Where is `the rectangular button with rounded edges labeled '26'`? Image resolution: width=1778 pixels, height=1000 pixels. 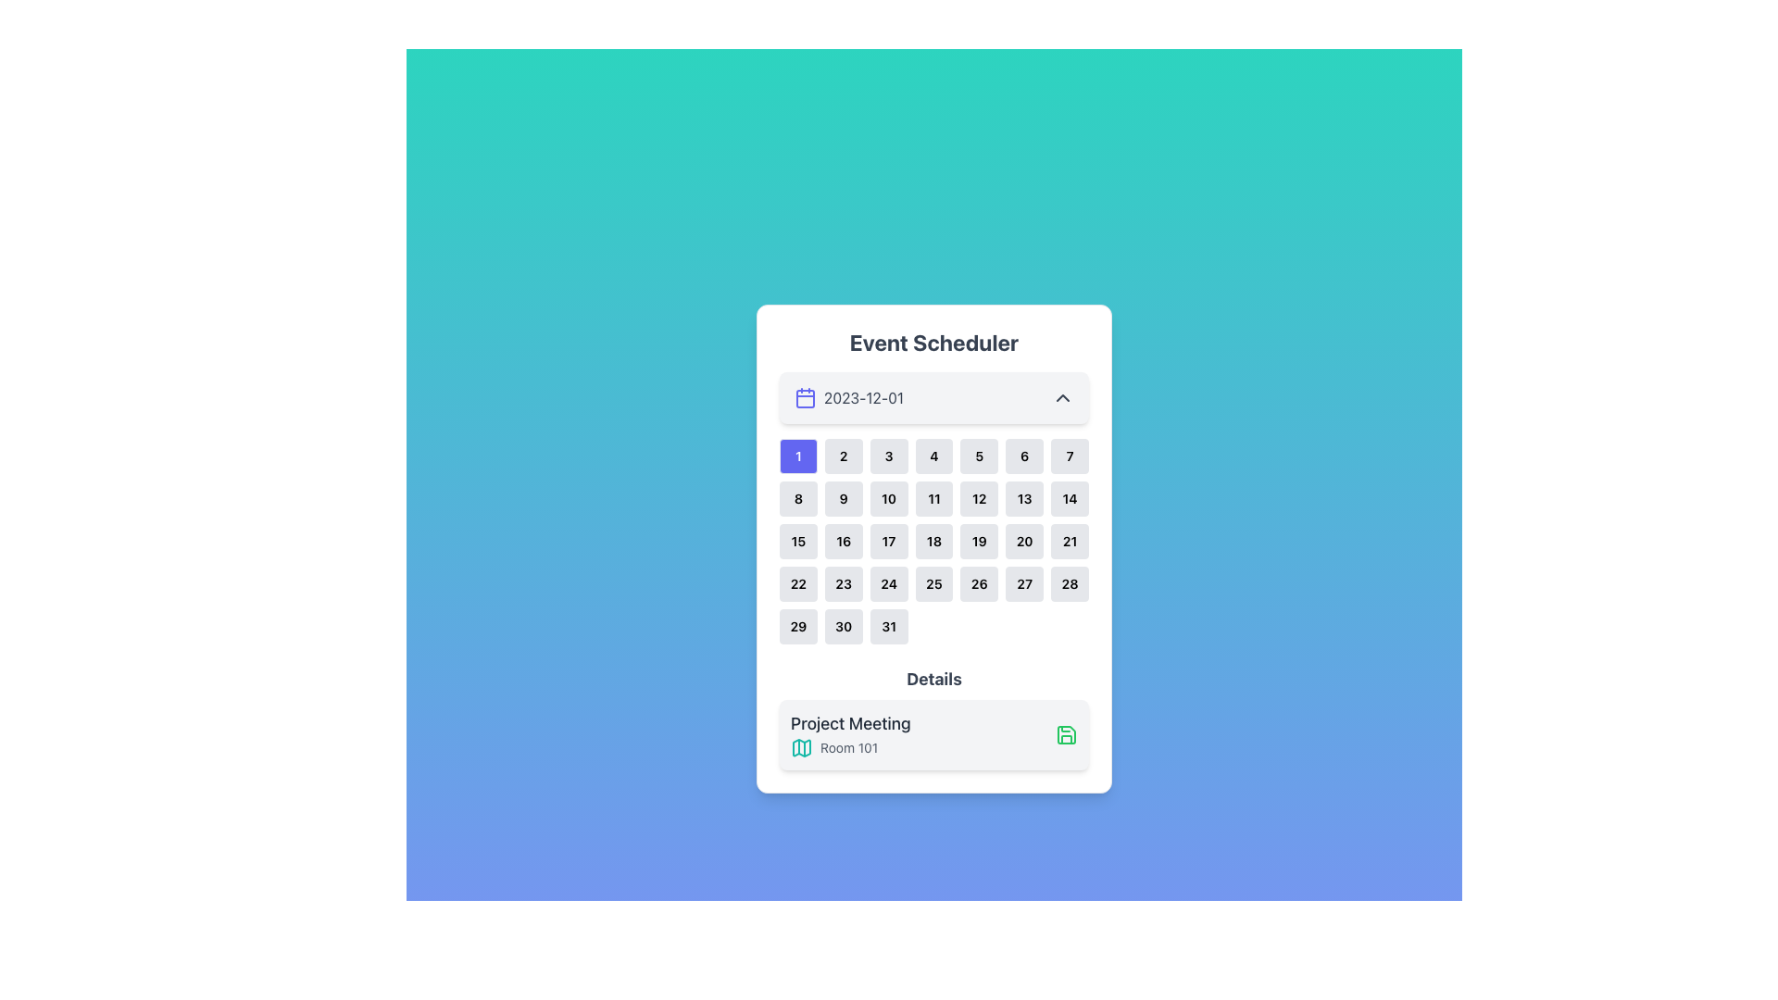
the rectangular button with rounded edges labeled '26' is located at coordinates (978, 584).